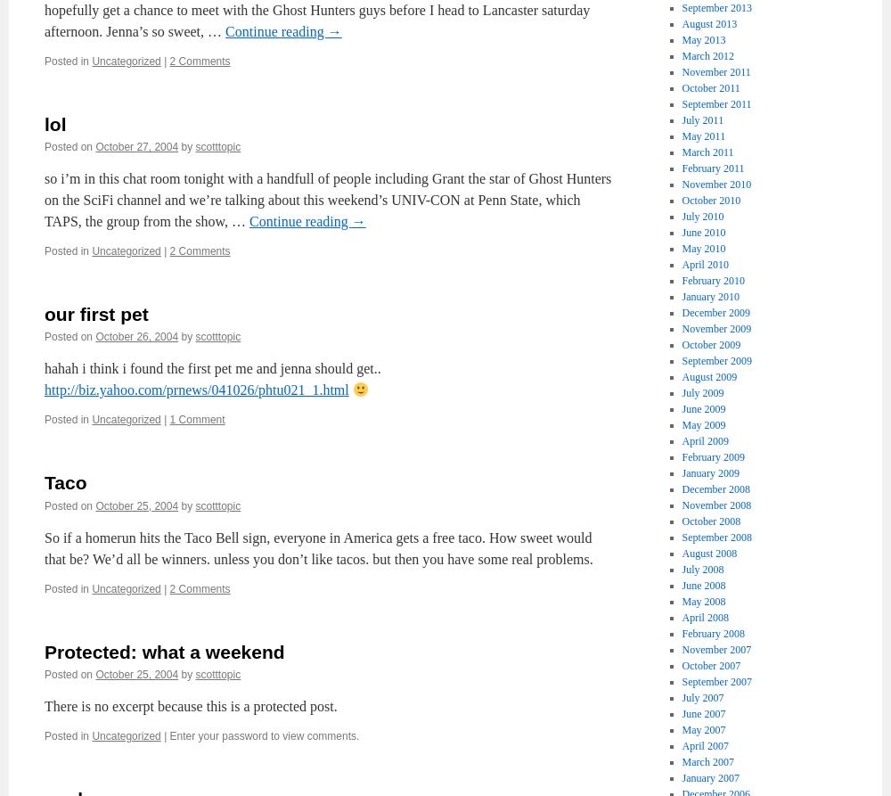  Describe the element at coordinates (327, 199) in the screenshot. I see `'so i’m in this chat room tonight with a handfull of people including Grant the star of Ghost Hunters on the SciFi channel and we’re talking about this weekend’s UNIV-CON at Penn State, which TAPS, the group from the show, …'` at that location.